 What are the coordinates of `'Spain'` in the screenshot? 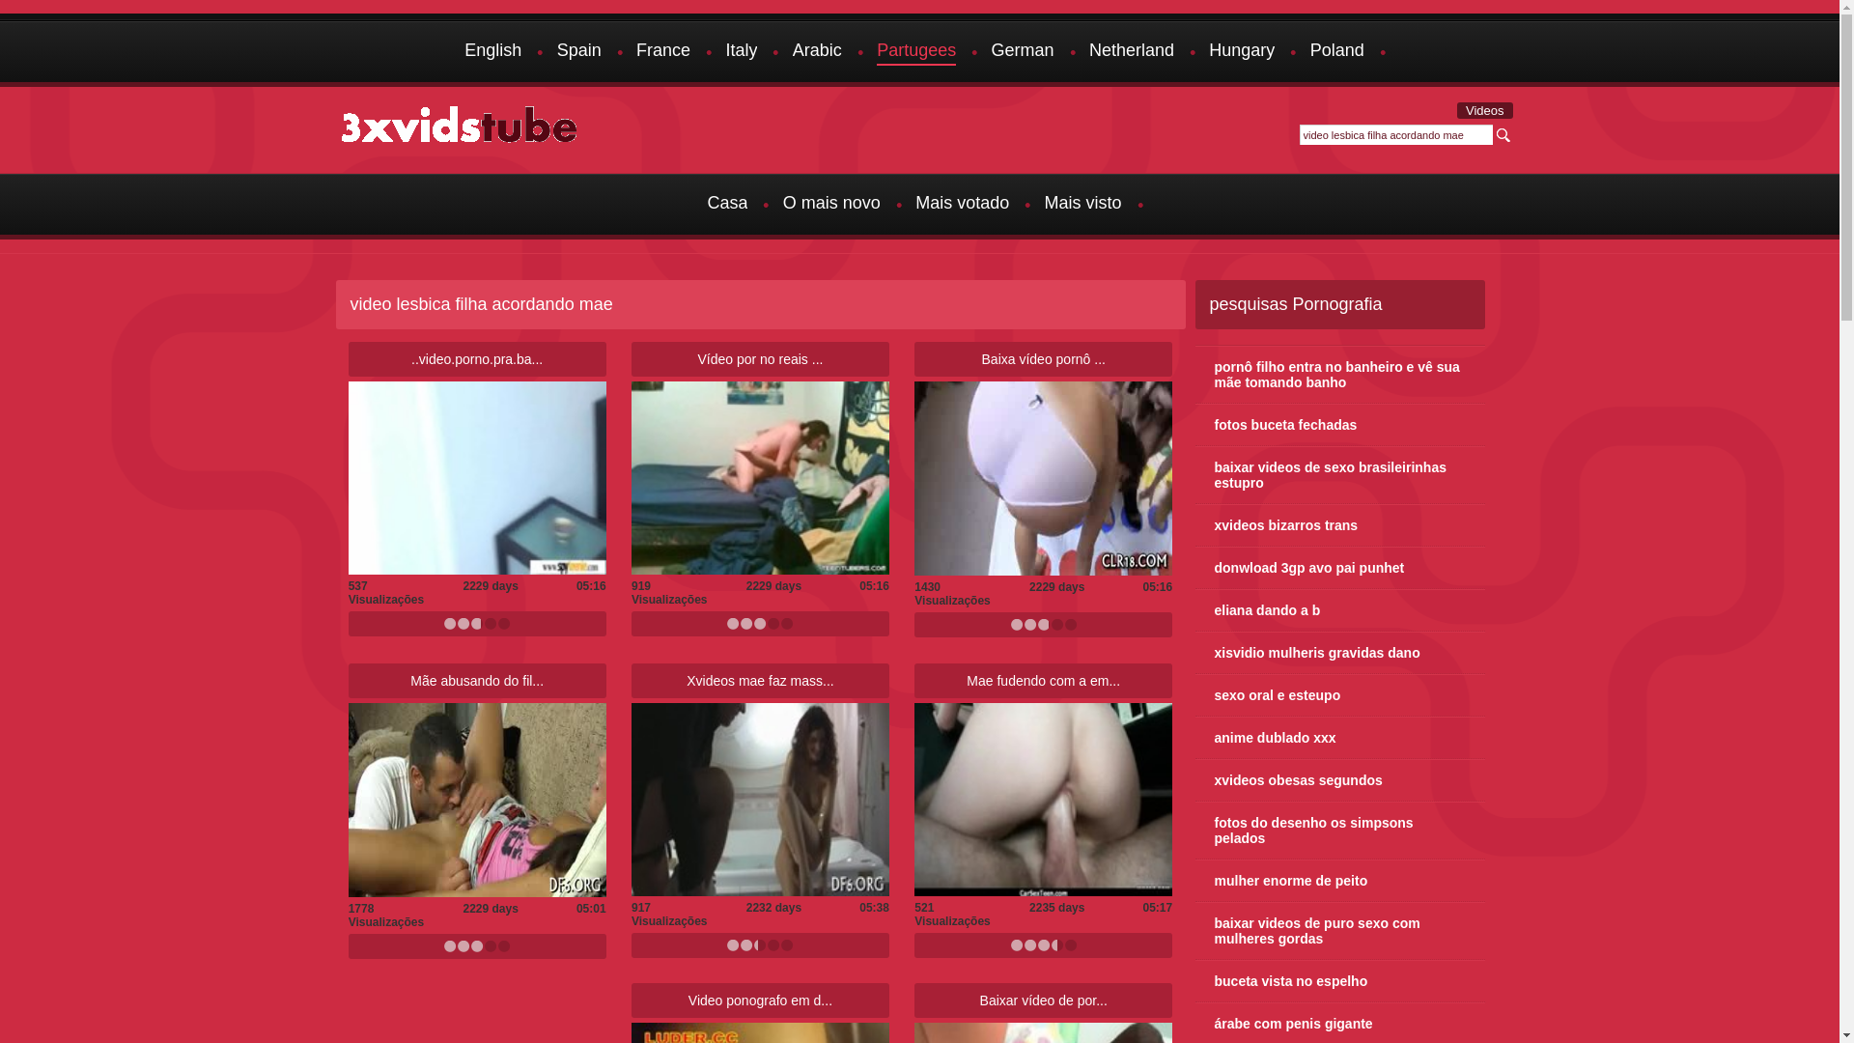 It's located at (578, 51).